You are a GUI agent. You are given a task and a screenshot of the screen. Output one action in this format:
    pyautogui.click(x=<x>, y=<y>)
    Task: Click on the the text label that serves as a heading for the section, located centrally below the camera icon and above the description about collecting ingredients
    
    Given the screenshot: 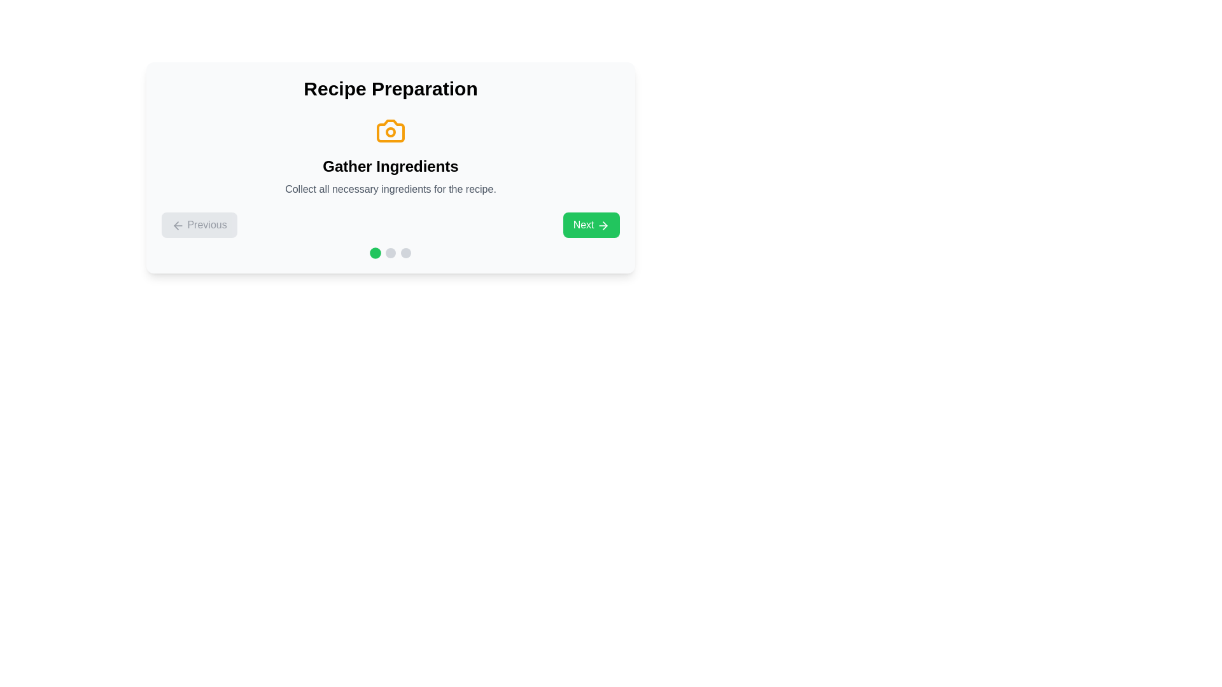 What is the action you would take?
    pyautogui.click(x=390, y=166)
    